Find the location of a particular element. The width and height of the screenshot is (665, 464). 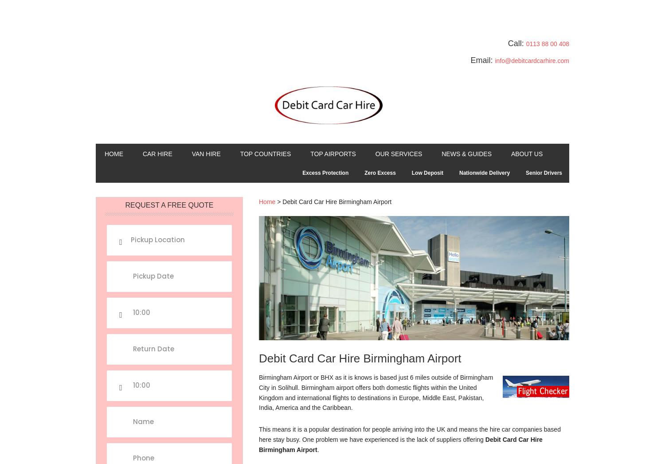

'Top Airports' is located at coordinates (333, 153).